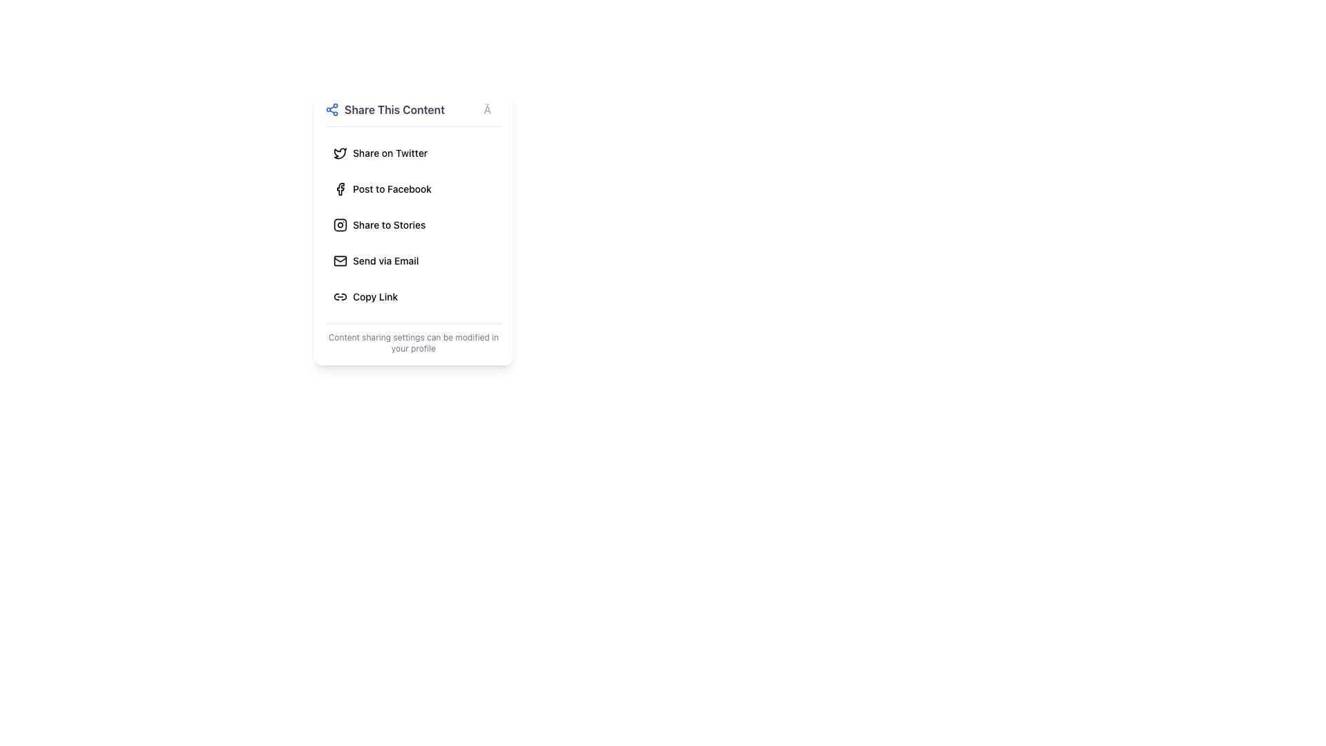 Image resolution: width=1326 pixels, height=746 pixels. I want to click on the email action icon located in the fourth row of the share menu, positioned to the left of the 'Send via Email' text label, so click(340, 261).